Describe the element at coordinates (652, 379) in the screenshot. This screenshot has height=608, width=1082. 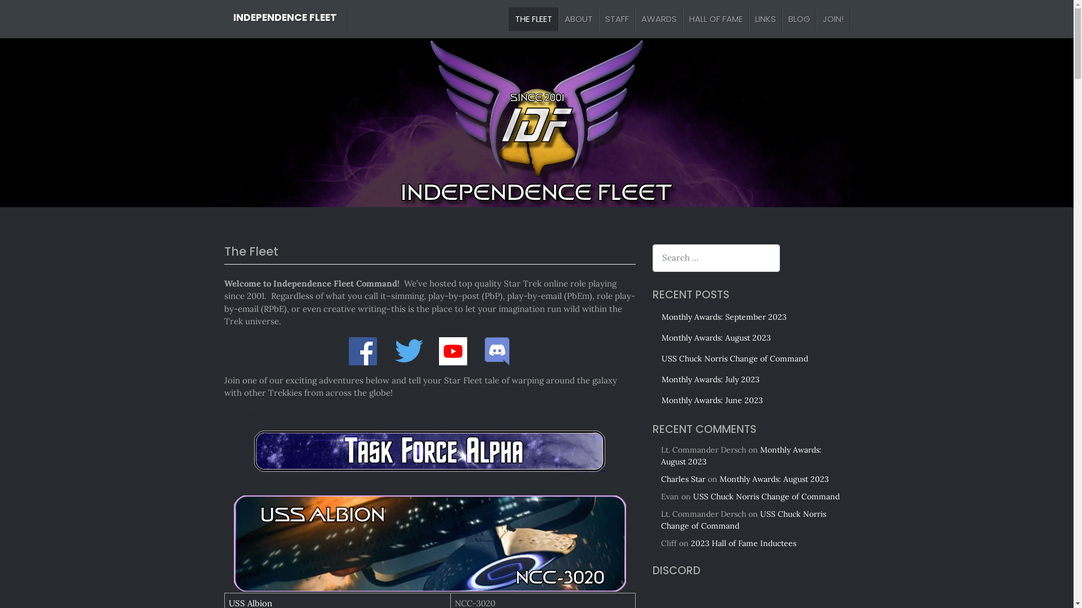
I see `'Monthly Awards: July 2023'` at that location.